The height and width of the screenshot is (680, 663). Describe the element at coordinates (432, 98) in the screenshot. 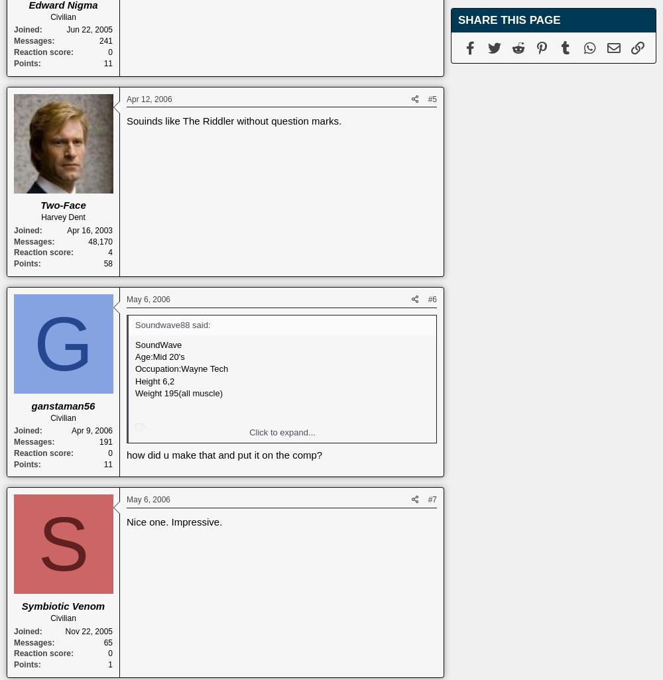

I see `'#5'` at that location.